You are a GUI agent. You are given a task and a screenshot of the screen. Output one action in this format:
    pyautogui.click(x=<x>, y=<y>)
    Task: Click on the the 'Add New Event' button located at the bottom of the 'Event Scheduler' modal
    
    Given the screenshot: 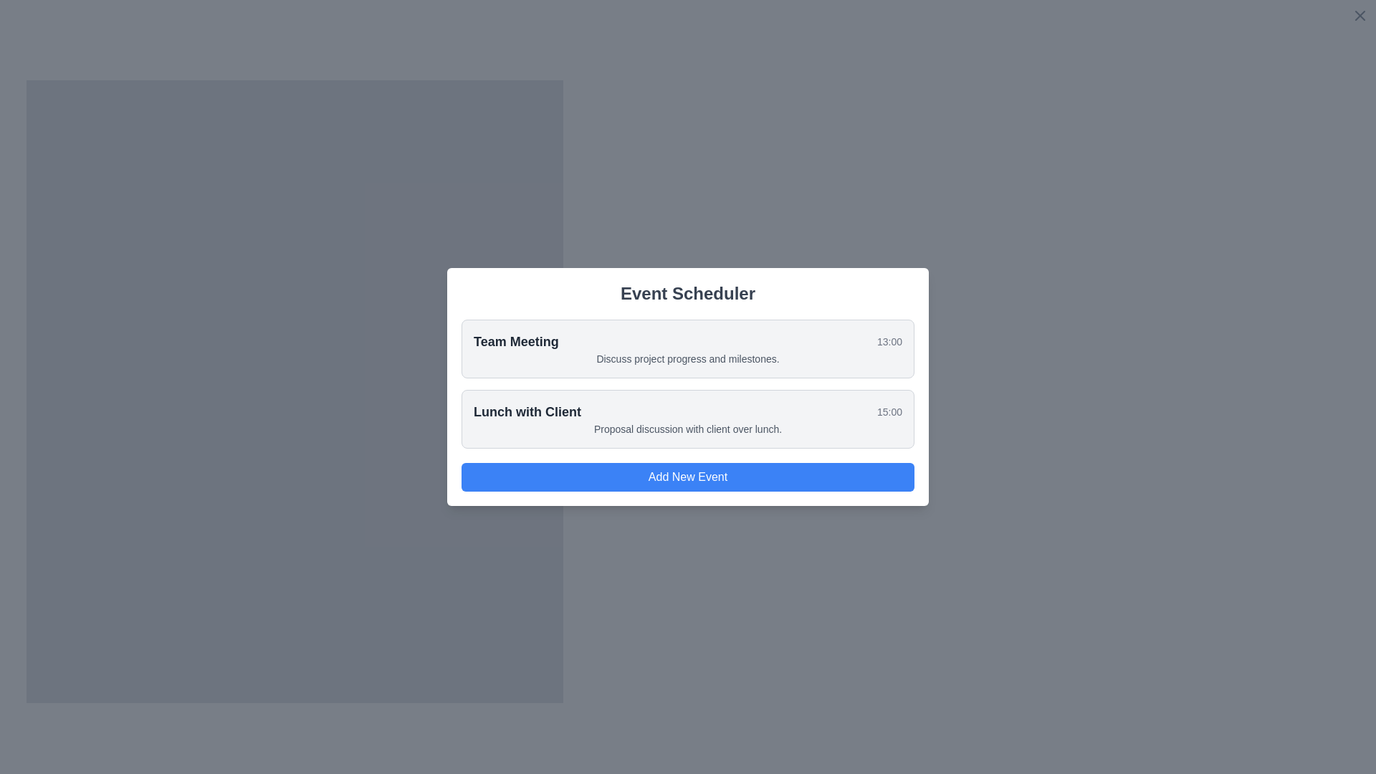 What is the action you would take?
    pyautogui.click(x=688, y=477)
    